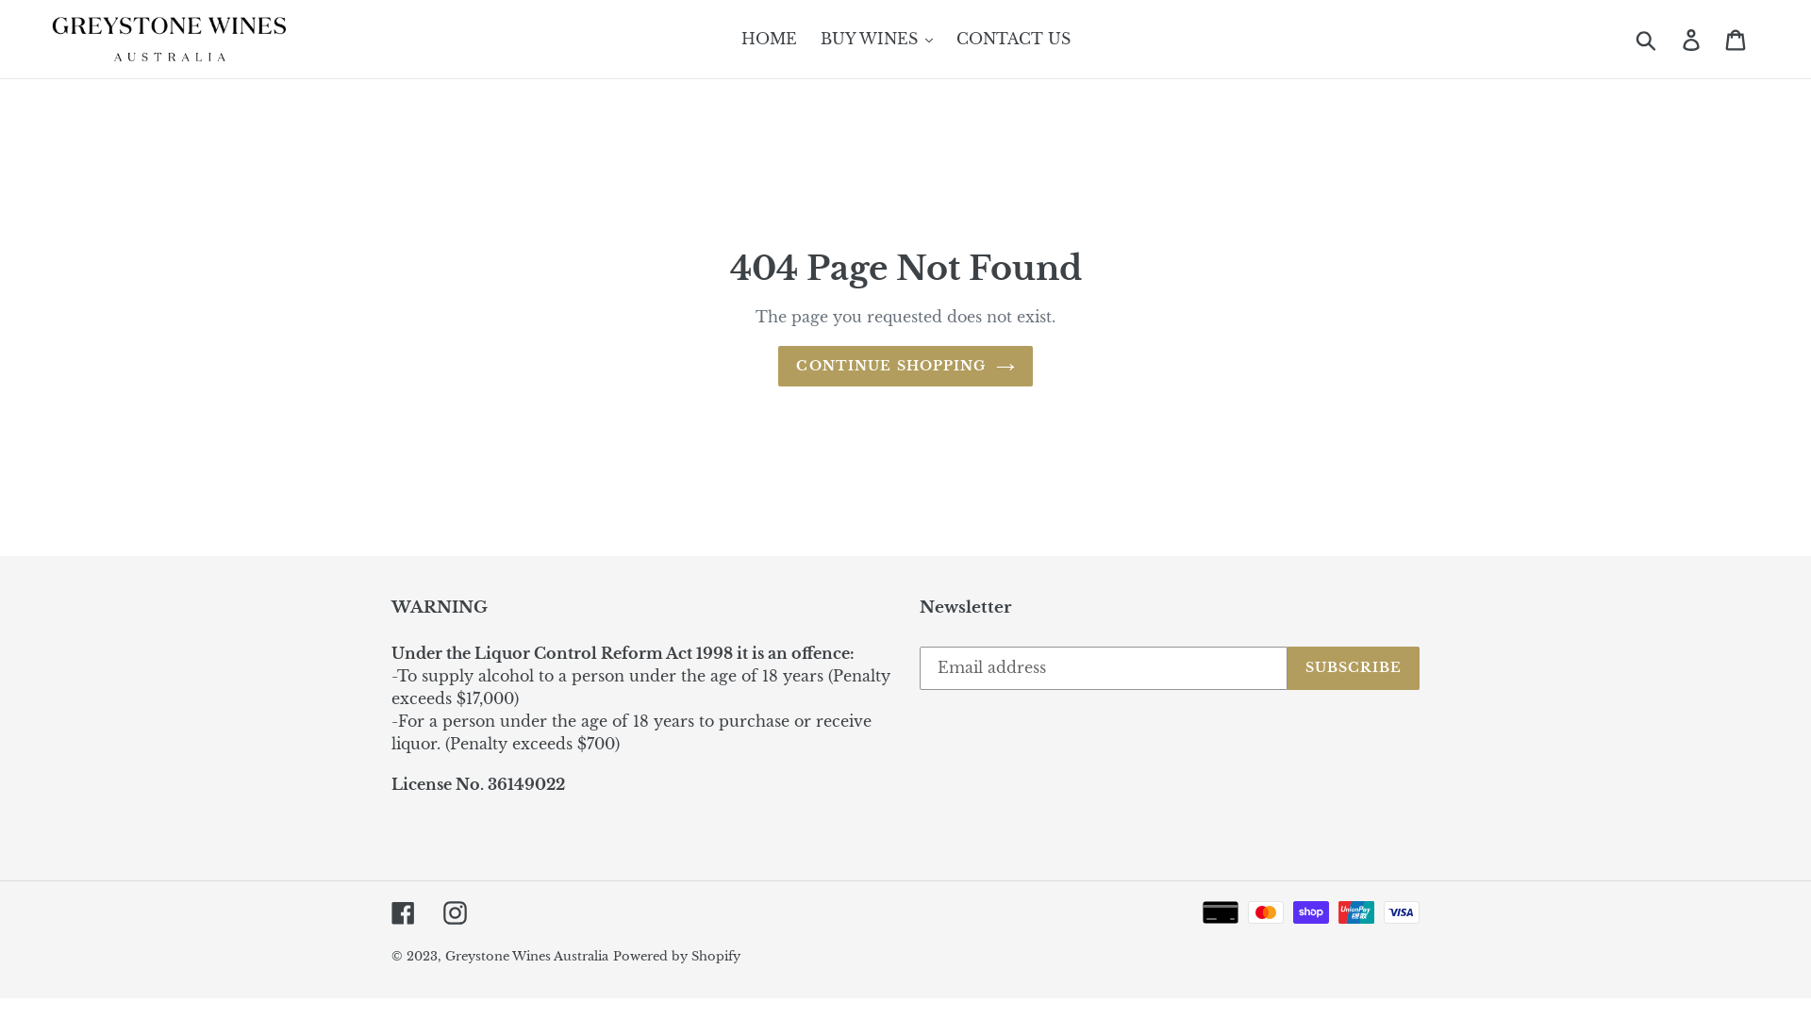 Image resolution: width=1811 pixels, height=1018 pixels. Describe the element at coordinates (769, 39) in the screenshot. I see `'HOME'` at that location.